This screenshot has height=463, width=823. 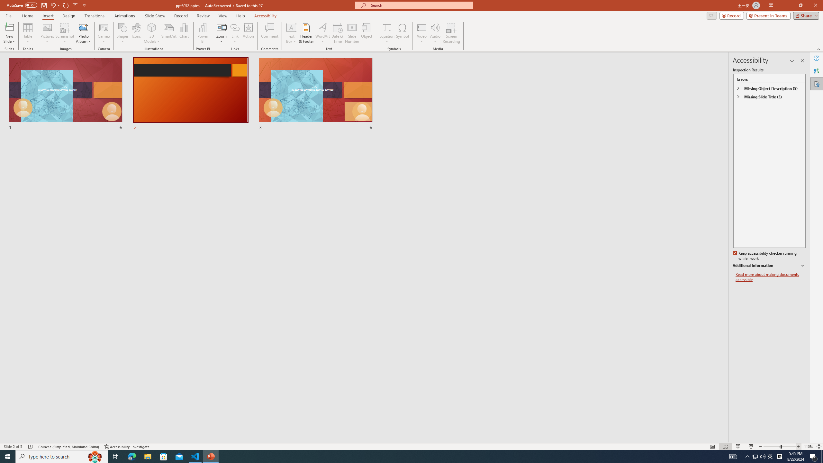 What do you see at coordinates (22, 5) in the screenshot?
I see `'AutoSave'` at bounding box center [22, 5].